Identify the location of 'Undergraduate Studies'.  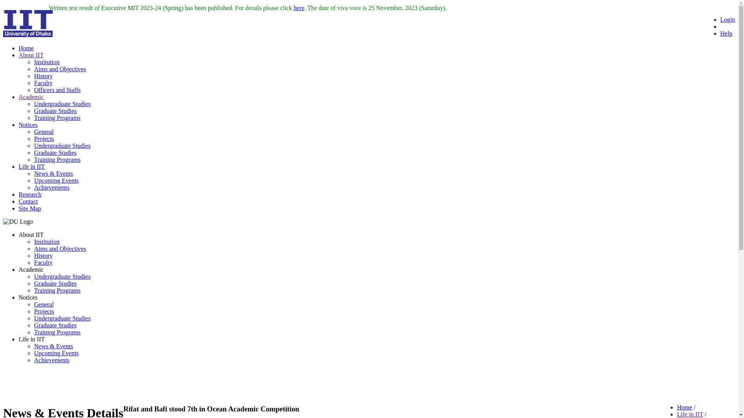
(62, 146).